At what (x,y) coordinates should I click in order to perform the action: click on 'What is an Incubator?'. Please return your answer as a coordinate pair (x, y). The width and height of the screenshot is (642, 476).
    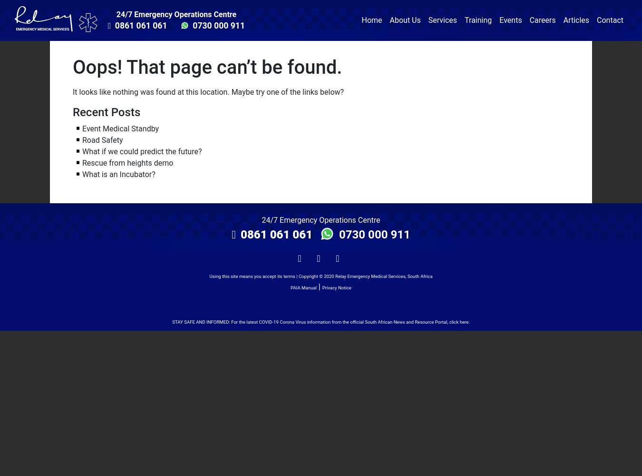
    Looking at the image, I should click on (118, 173).